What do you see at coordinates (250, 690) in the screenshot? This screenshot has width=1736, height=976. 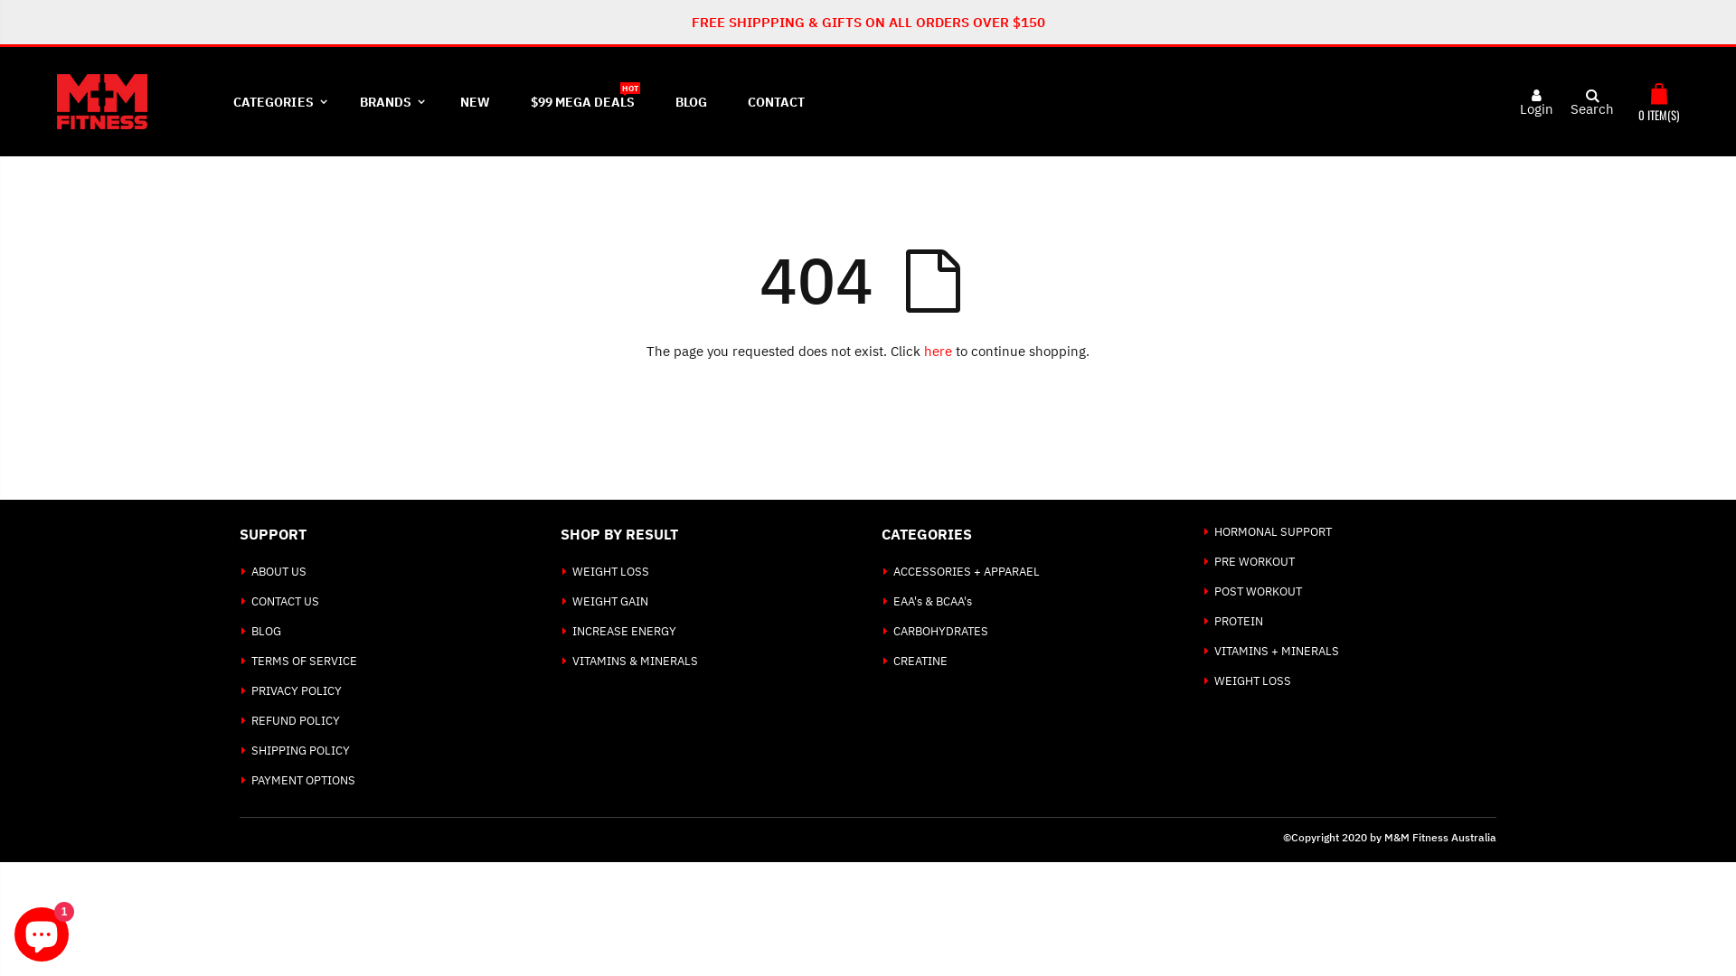 I see `'PRIVACY POLICY'` at bounding box center [250, 690].